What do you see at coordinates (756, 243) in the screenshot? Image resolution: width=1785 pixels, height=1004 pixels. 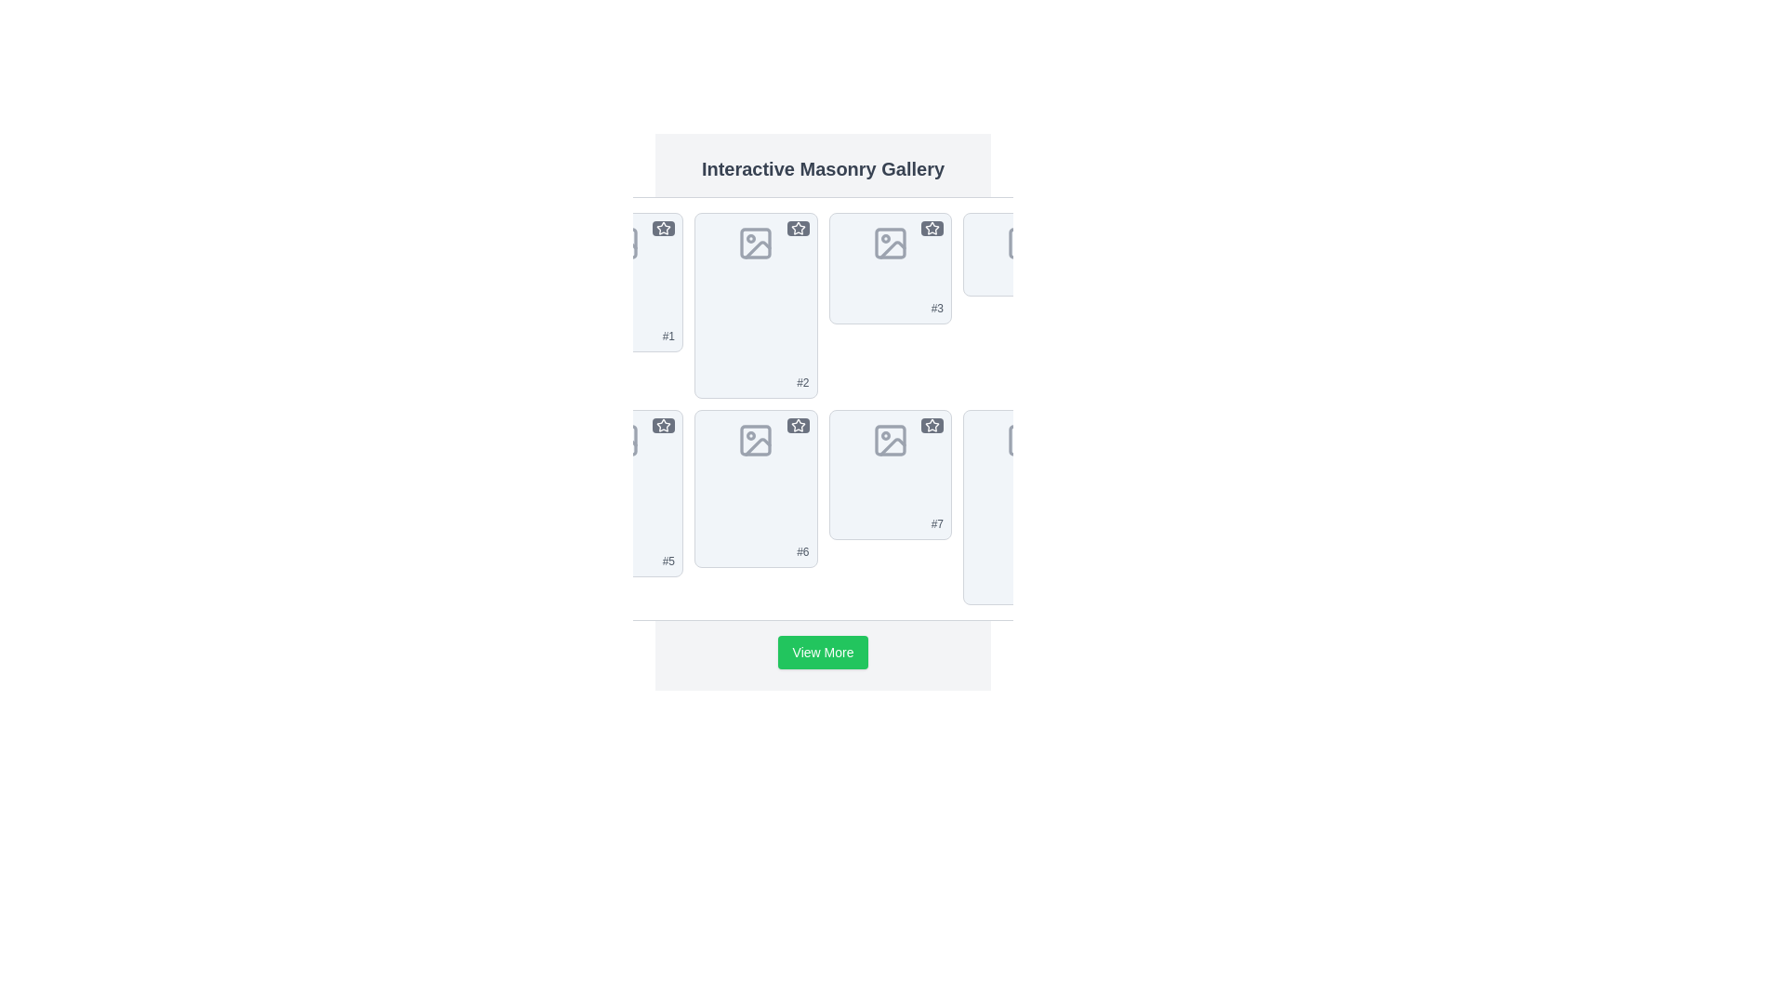 I see `the main rectangular shape with rounded corners in the interactive gallery item labeled '#2', which has a light gray border and is positioned centrally within the icon` at bounding box center [756, 243].